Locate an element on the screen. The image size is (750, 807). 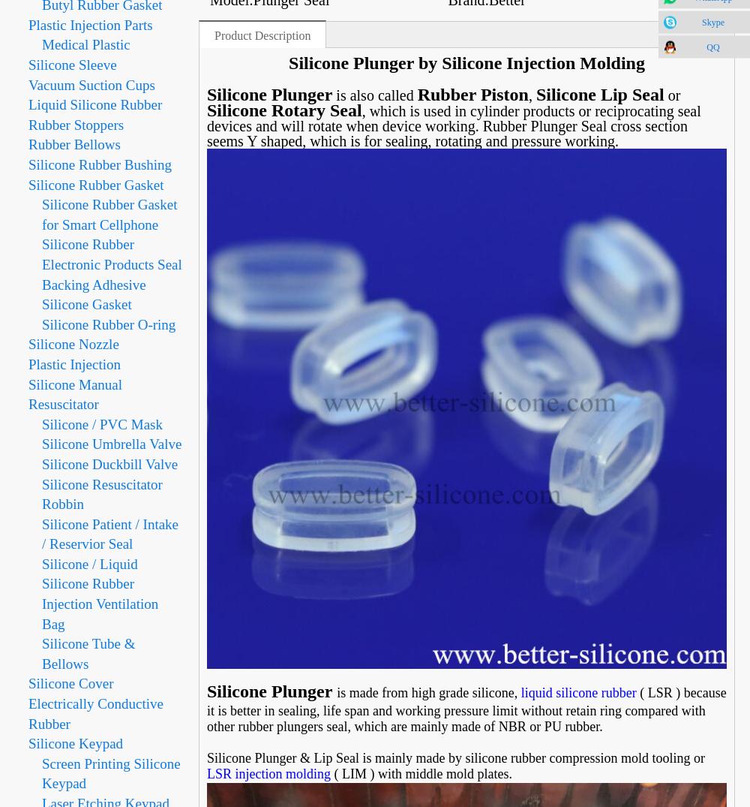
'Silicone Resuscitator Robbin' is located at coordinates (102, 494).